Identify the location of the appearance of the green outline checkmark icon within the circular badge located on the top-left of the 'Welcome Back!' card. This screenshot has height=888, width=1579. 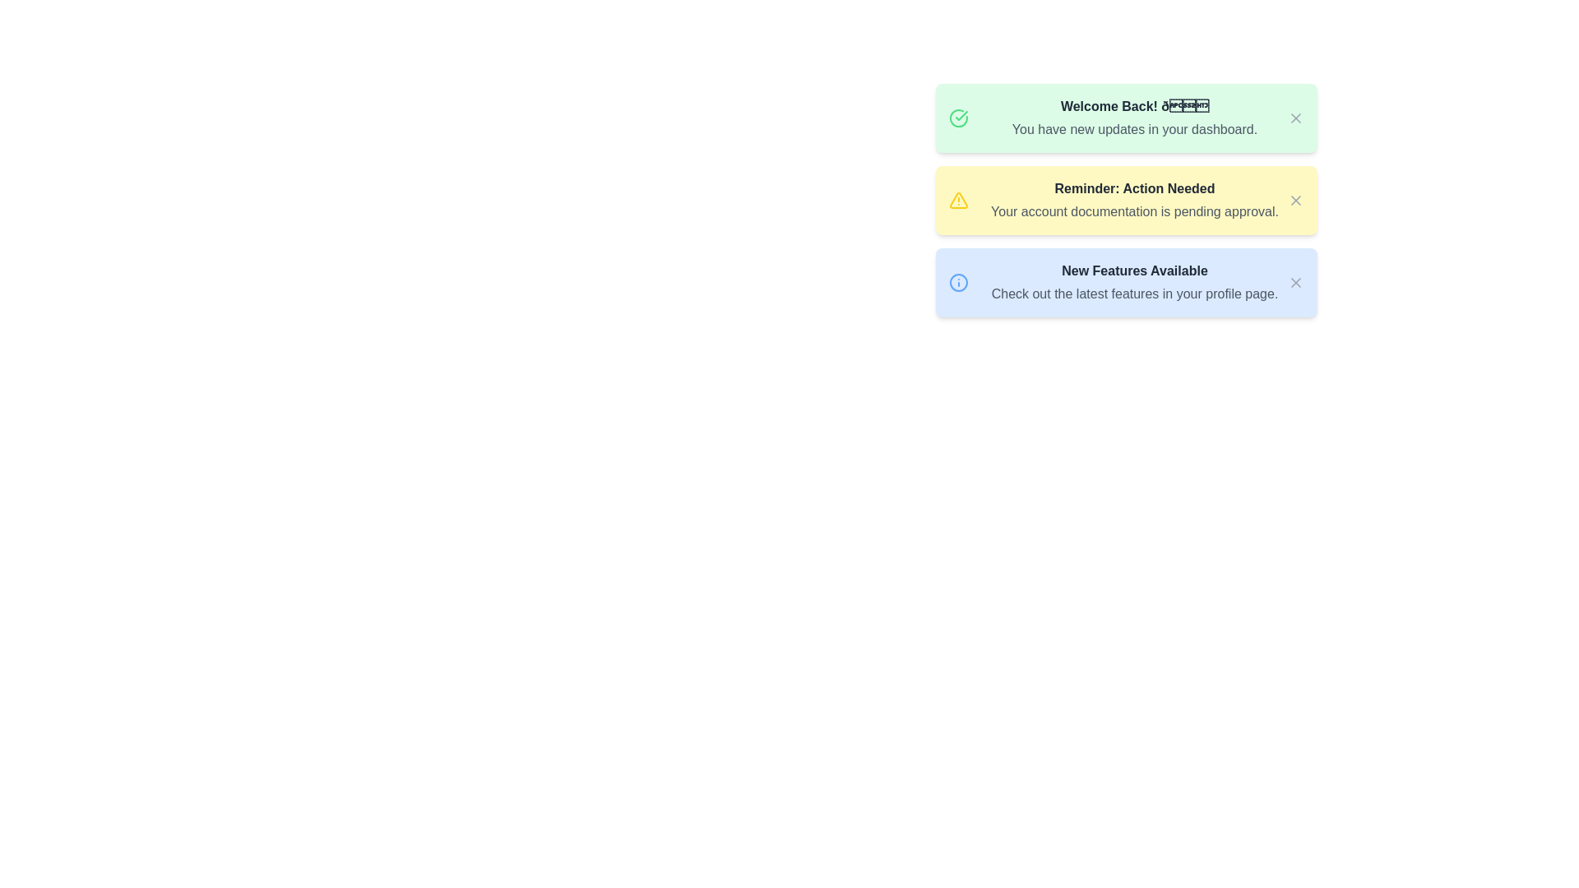
(961, 115).